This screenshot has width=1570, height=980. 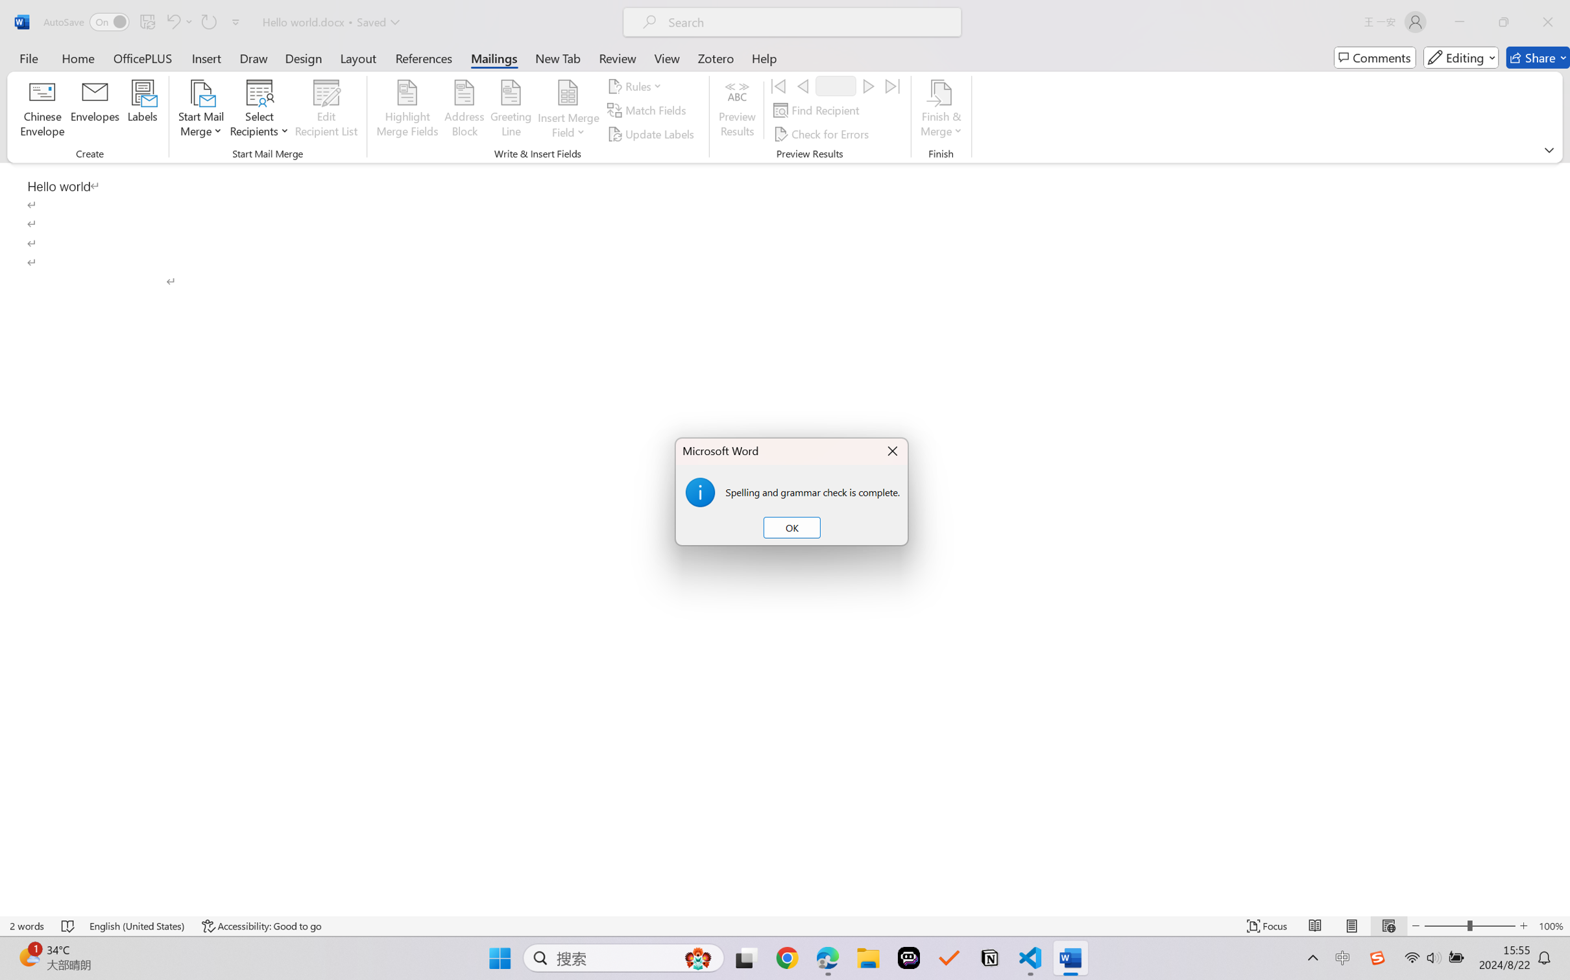 I want to click on 'Design', so click(x=303, y=57).